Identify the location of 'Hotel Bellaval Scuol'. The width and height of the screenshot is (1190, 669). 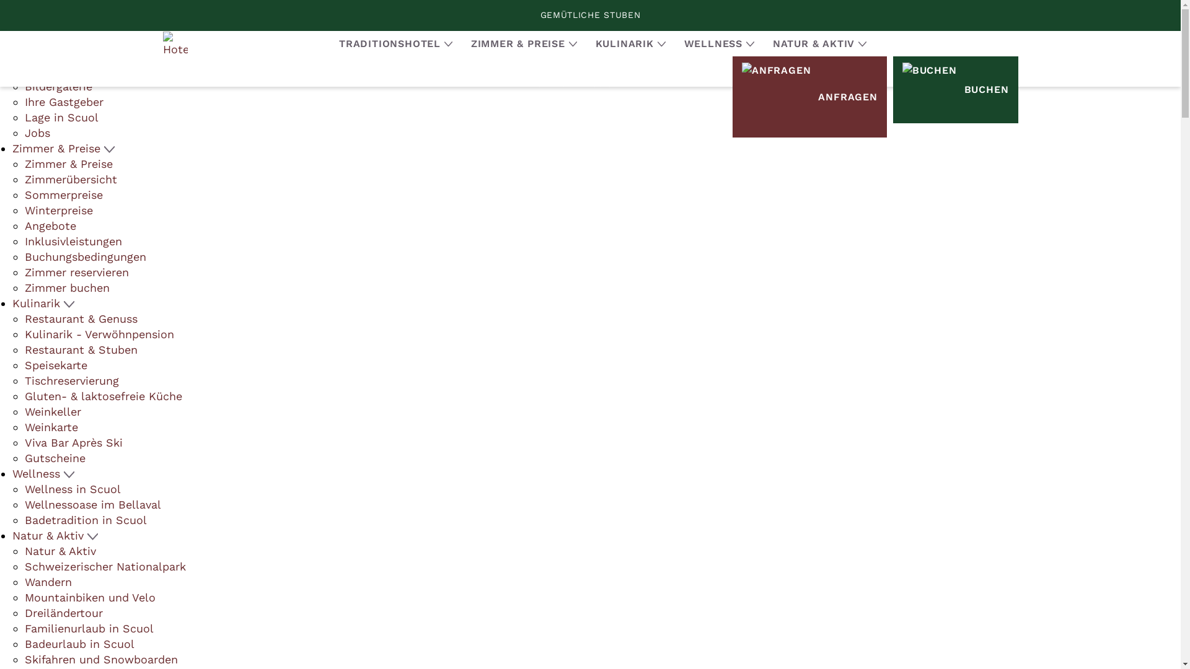
(174, 42).